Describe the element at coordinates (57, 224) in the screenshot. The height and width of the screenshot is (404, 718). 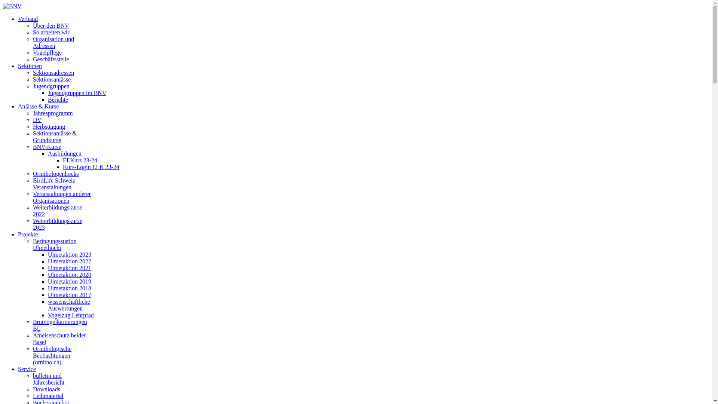
I see `'Weiterbildungskurse 2023'` at that location.